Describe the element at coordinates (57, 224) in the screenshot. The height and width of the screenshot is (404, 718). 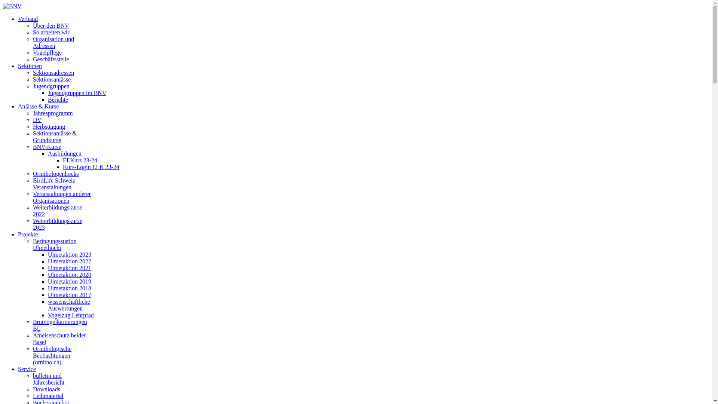
I see `'Weiterbildungskurse 2023'` at that location.